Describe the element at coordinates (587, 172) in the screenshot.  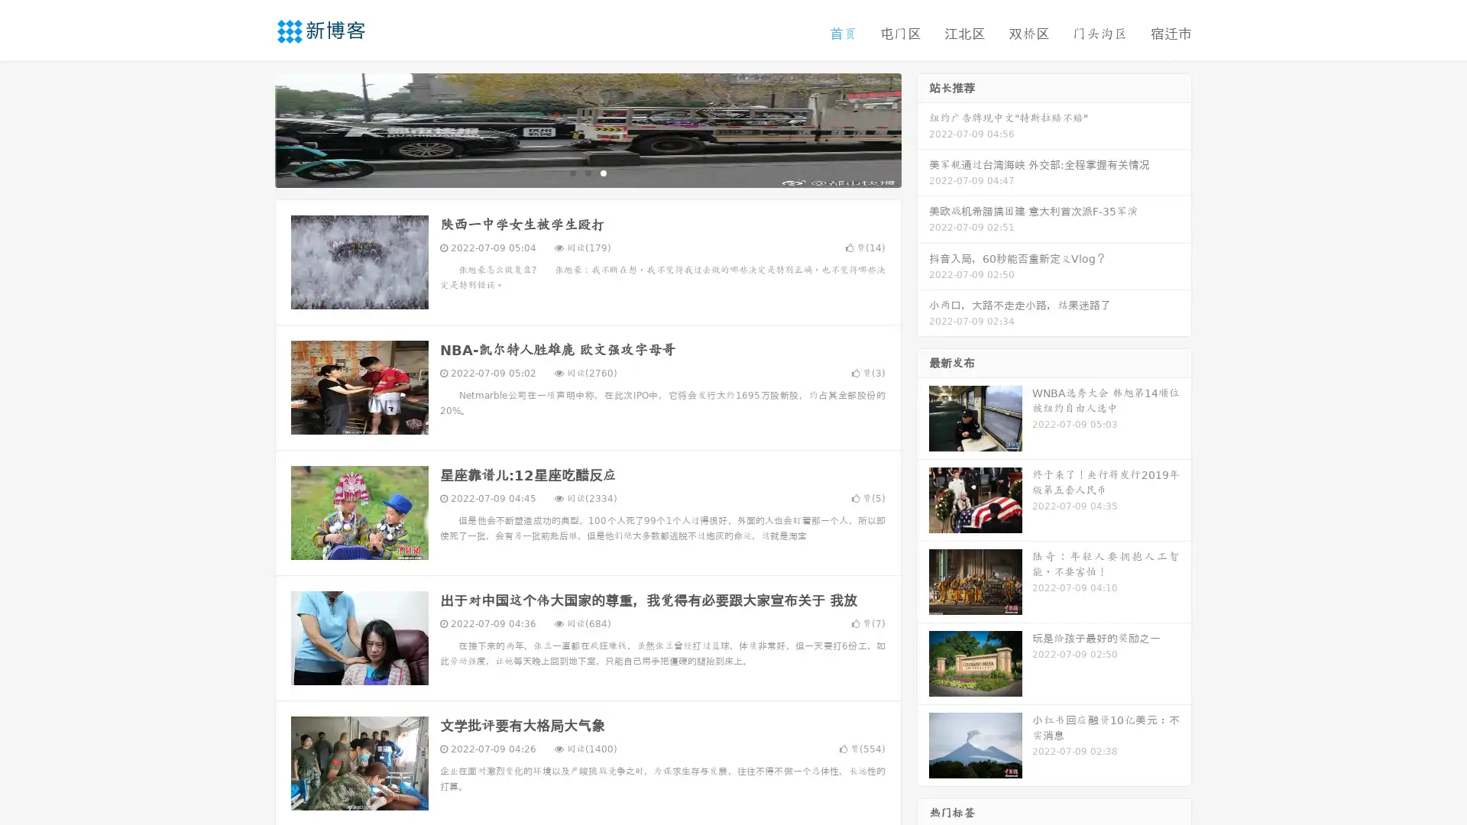
I see `Go to slide 2` at that location.